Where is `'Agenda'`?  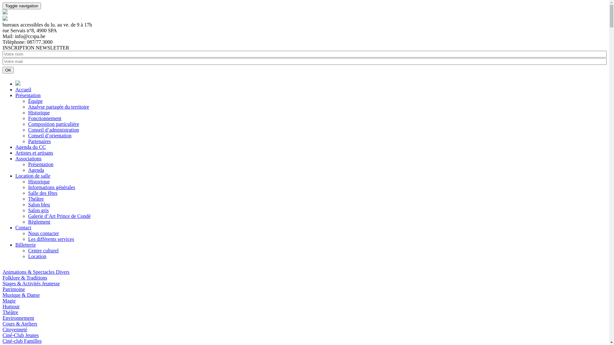
'Agenda' is located at coordinates (36, 170).